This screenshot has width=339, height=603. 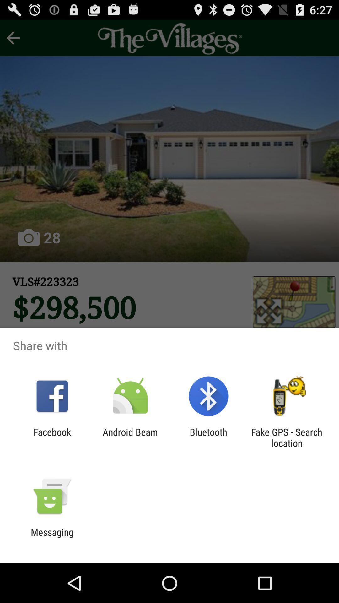 I want to click on android beam, so click(x=130, y=437).